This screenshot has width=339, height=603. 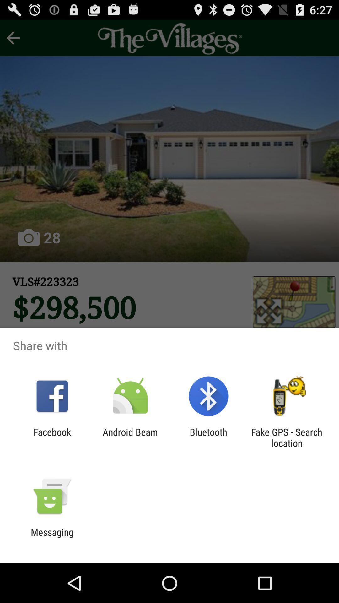 I want to click on android beam, so click(x=130, y=437).